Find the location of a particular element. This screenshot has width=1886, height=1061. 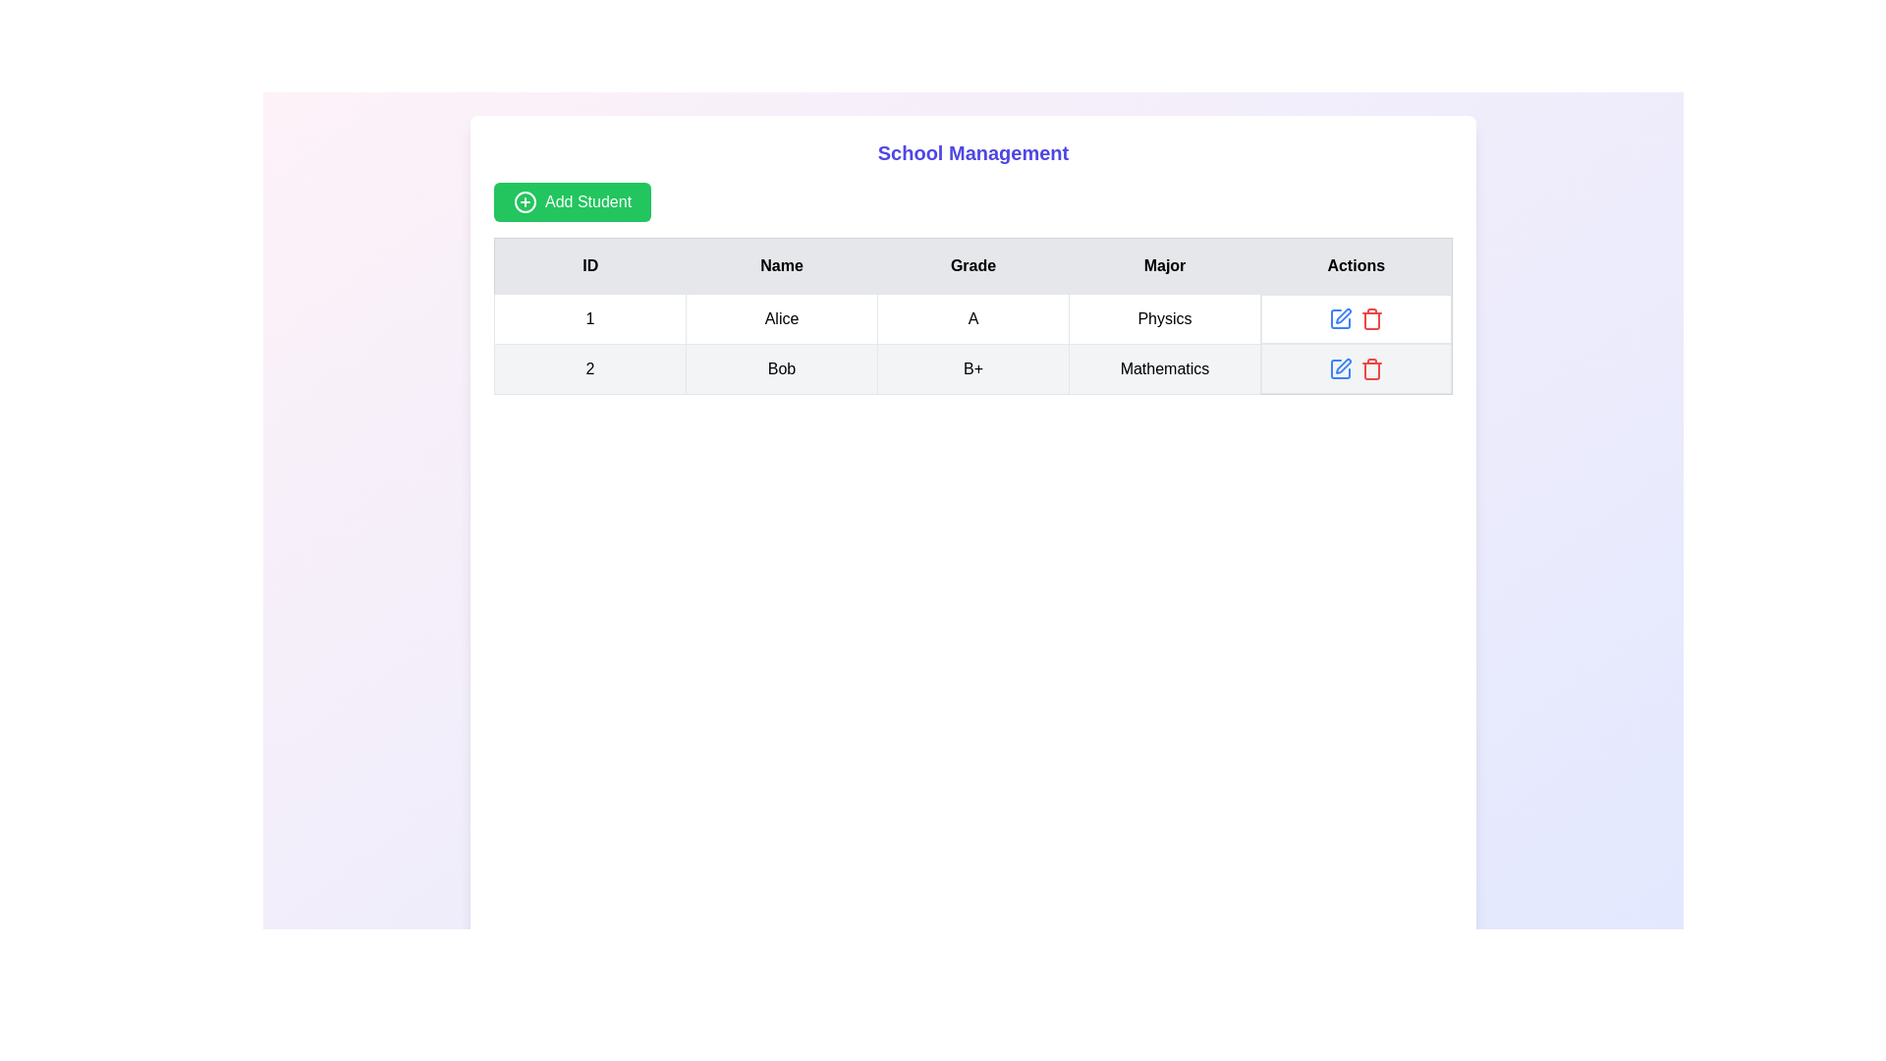

the 'Edit' button located in the 'Actions' column of the second row in the table to observe hover effects is located at coordinates (1339, 367).